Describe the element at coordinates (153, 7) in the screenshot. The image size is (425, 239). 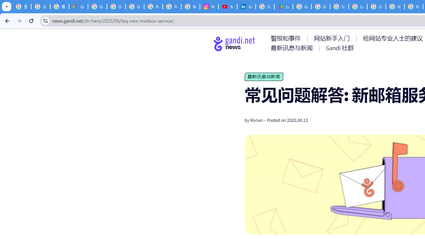
I see `'Privacy Help Center - Policies Help'` at that location.